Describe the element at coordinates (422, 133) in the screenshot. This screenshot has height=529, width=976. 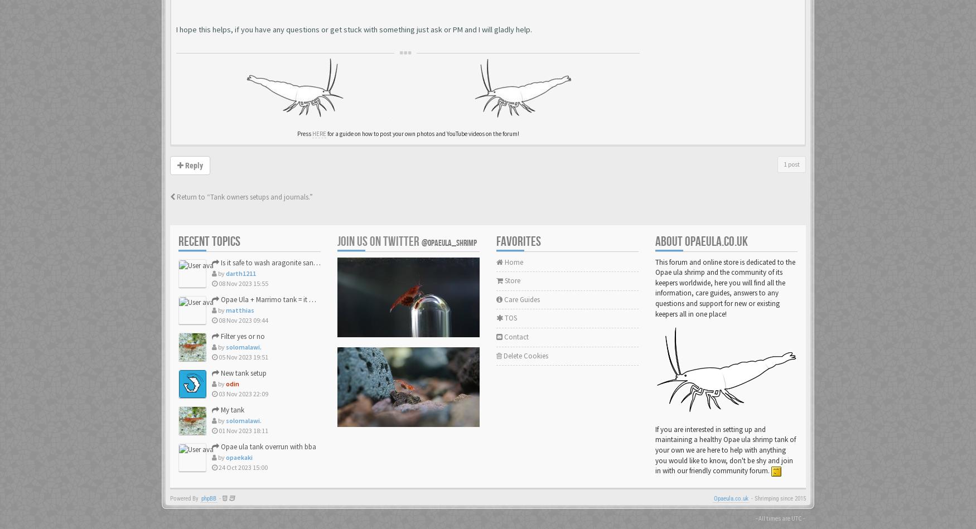
I see `'for a guide on how to post your own photos and YouTube videos on the forum!'` at that location.